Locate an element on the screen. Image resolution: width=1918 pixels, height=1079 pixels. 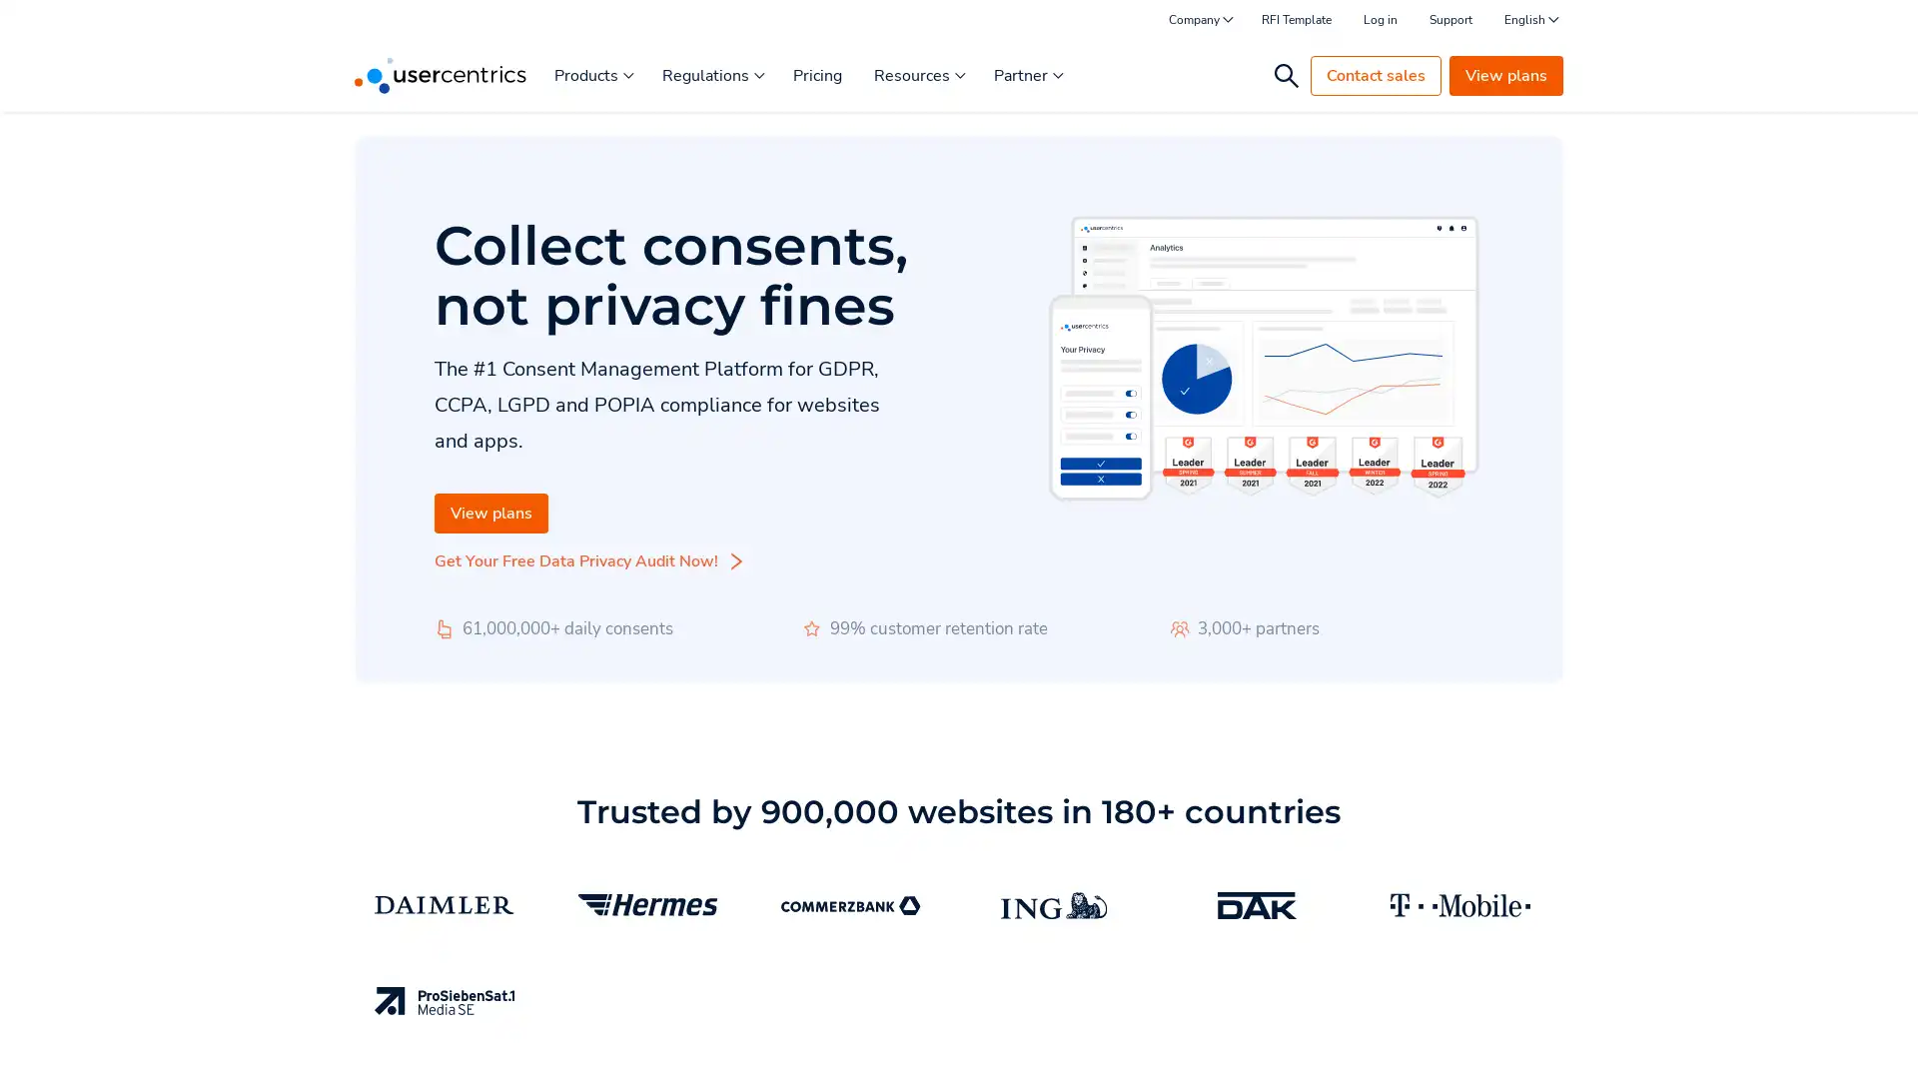
OK, Agree to CCPA is located at coordinates (1478, 1034).